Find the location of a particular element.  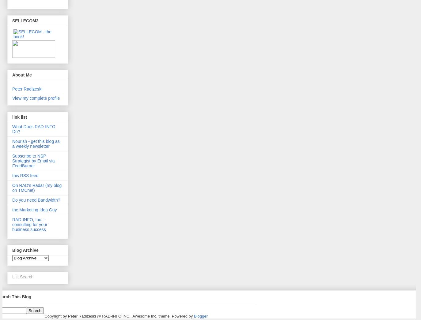

'.' is located at coordinates (207, 316).